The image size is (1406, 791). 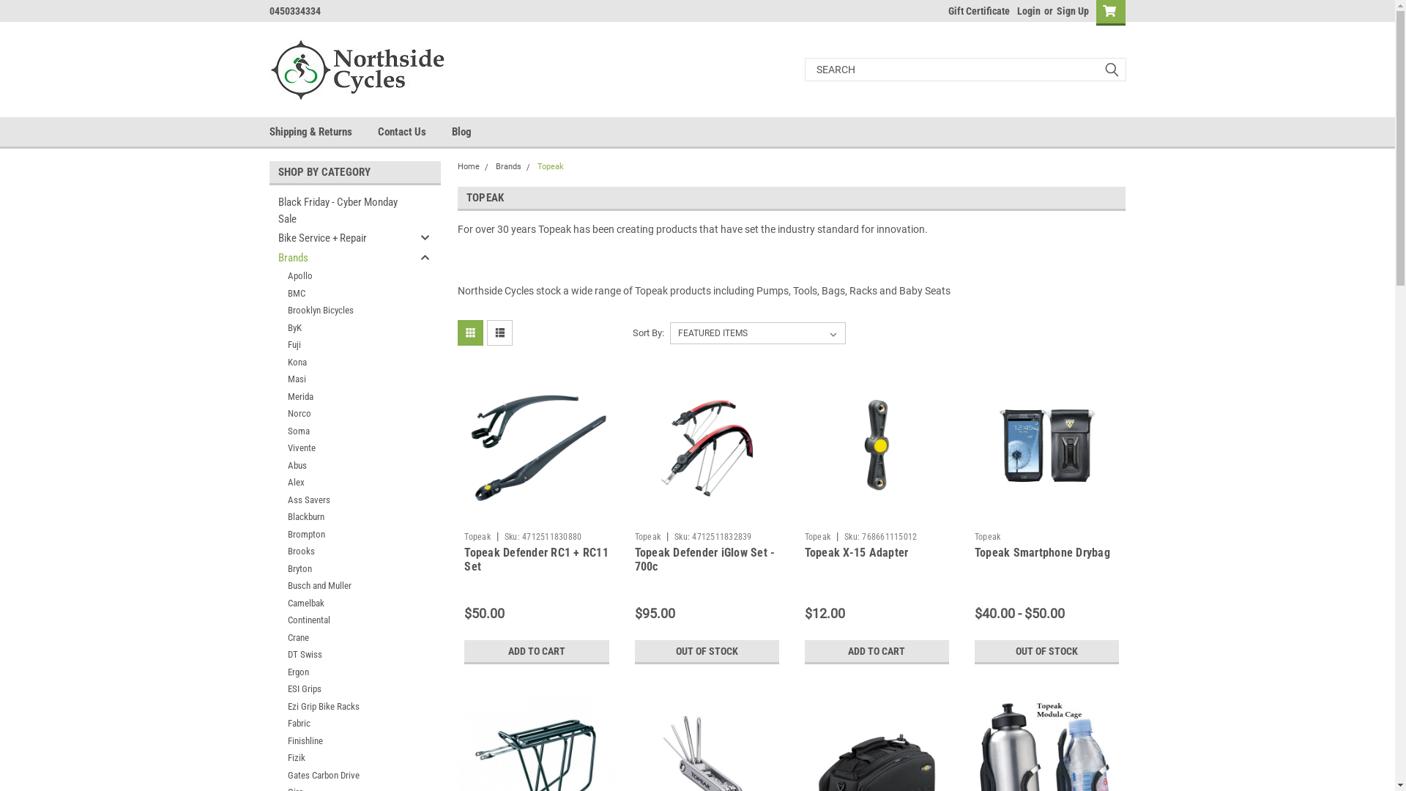 What do you see at coordinates (341, 293) in the screenshot?
I see `'BMC'` at bounding box center [341, 293].